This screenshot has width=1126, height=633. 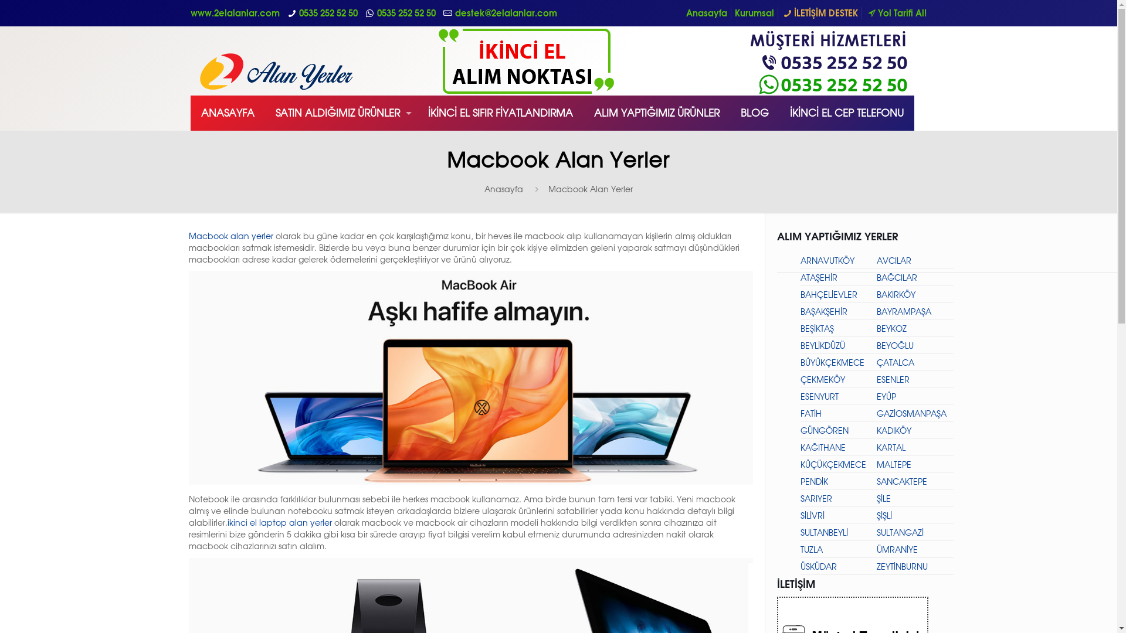 What do you see at coordinates (895, 13) in the screenshot?
I see `'Yol Tarifi Al!'` at bounding box center [895, 13].